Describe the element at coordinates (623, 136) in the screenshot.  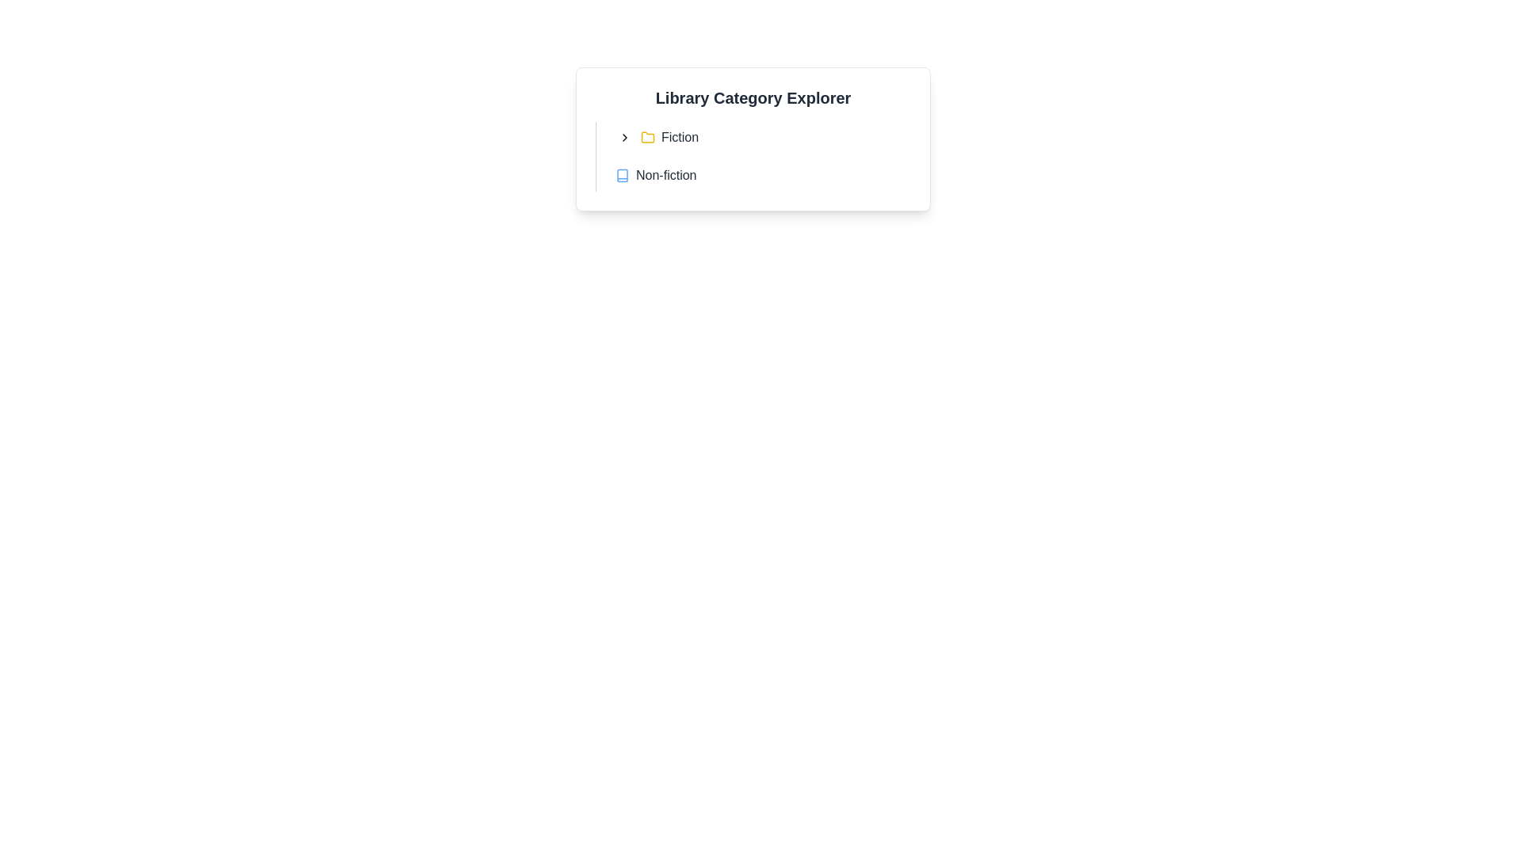
I see `the small, right-pointing chevron icon located to the left of the yellow folder icon labeled 'Fiction'` at that location.